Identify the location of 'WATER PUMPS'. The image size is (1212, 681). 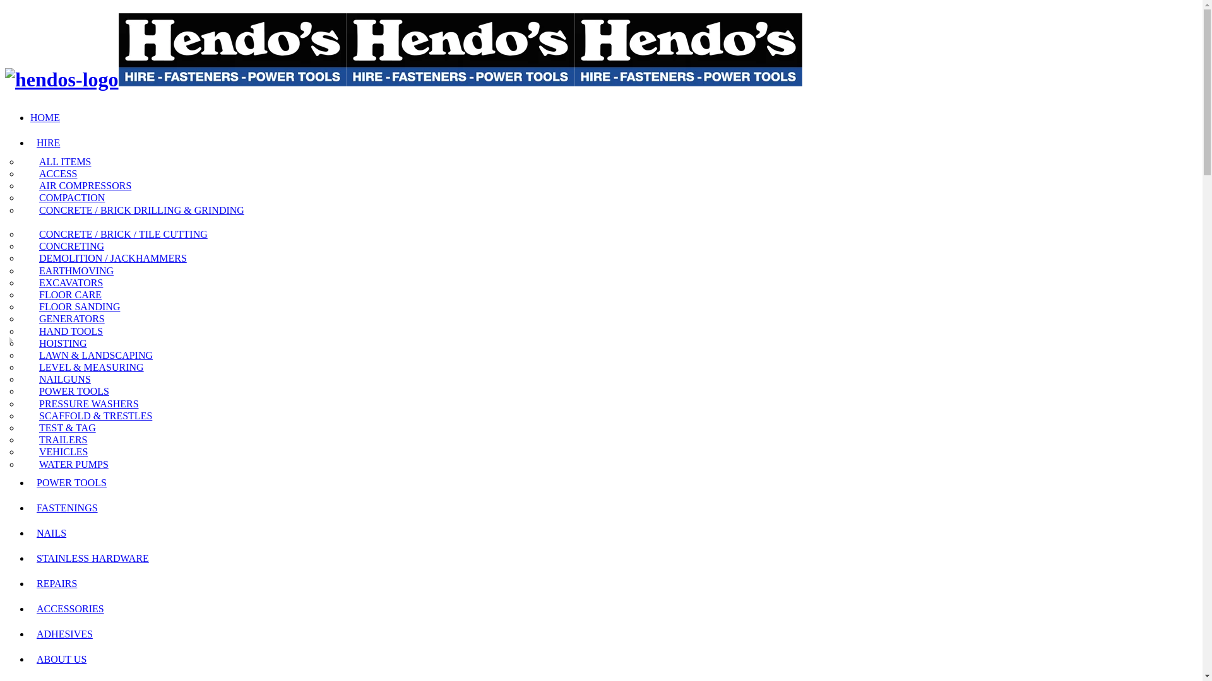
(69, 464).